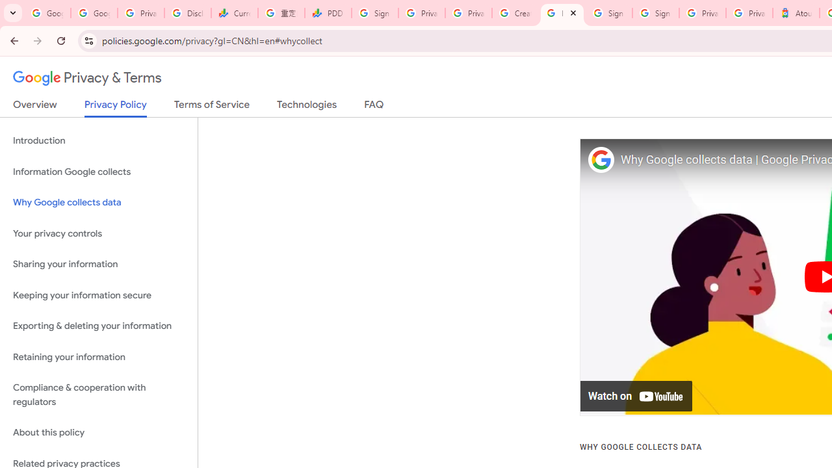 The image size is (832, 468). What do you see at coordinates (608, 13) in the screenshot?
I see `'Sign in - Google Accounts'` at bounding box center [608, 13].